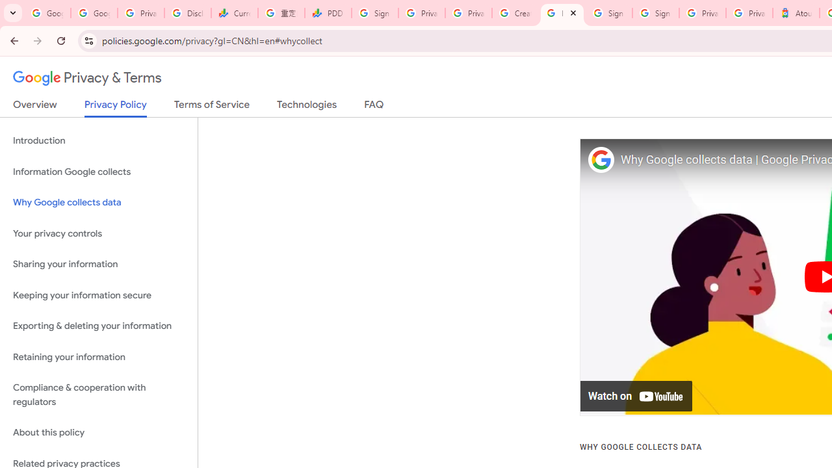 The image size is (832, 468). What do you see at coordinates (608, 13) in the screenshot?
I see `'Sign in - Google Accounts'` at bounding box center [608, 13].